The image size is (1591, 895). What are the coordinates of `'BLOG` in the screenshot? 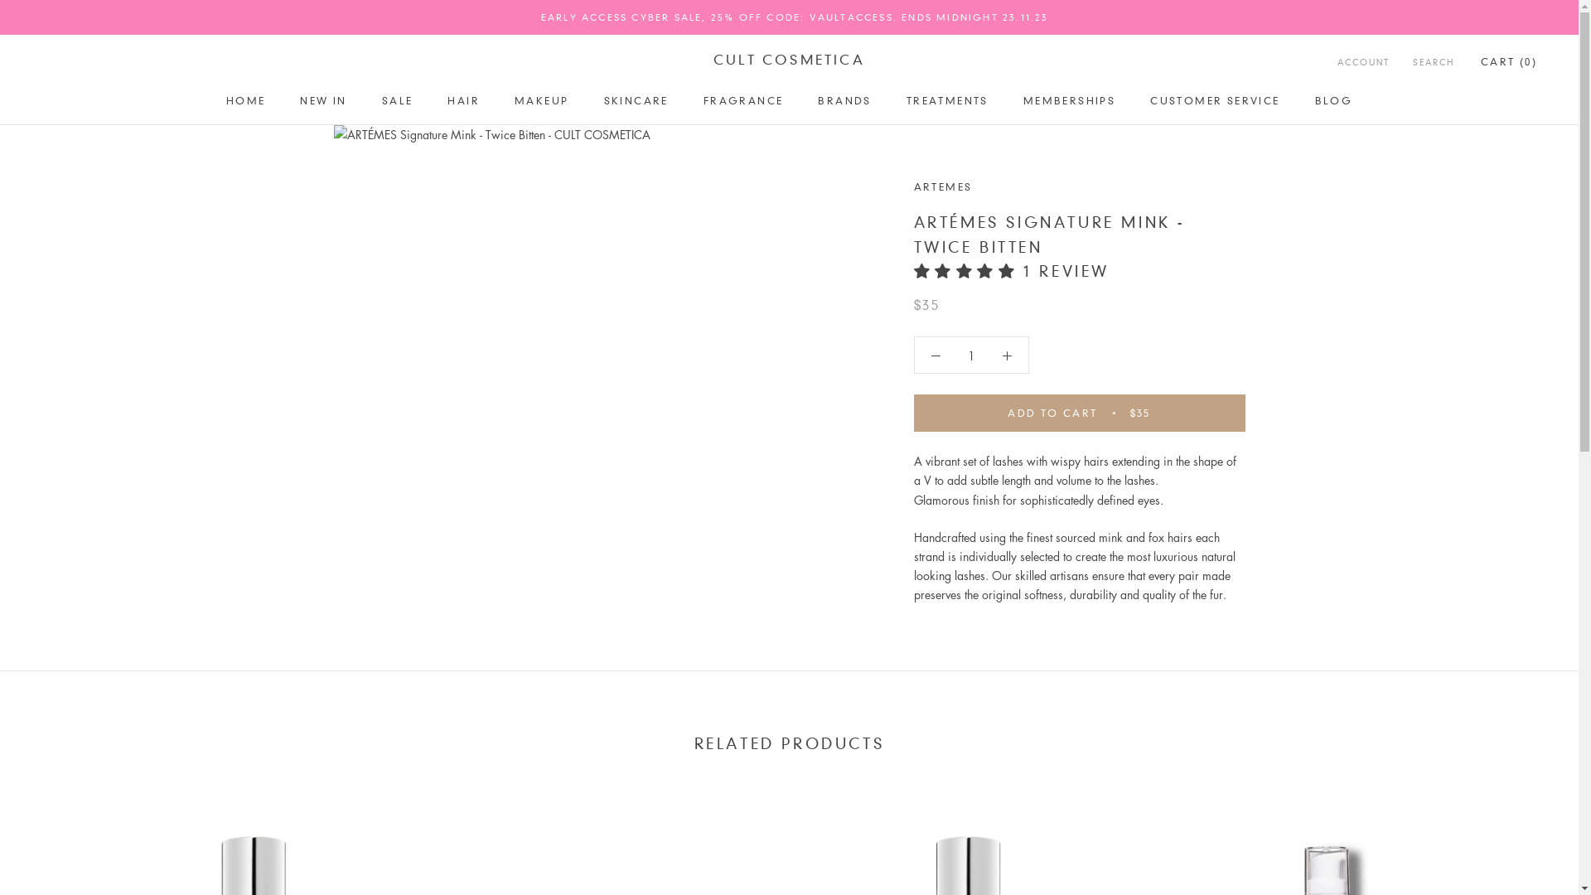 It's located at (1314, 100).